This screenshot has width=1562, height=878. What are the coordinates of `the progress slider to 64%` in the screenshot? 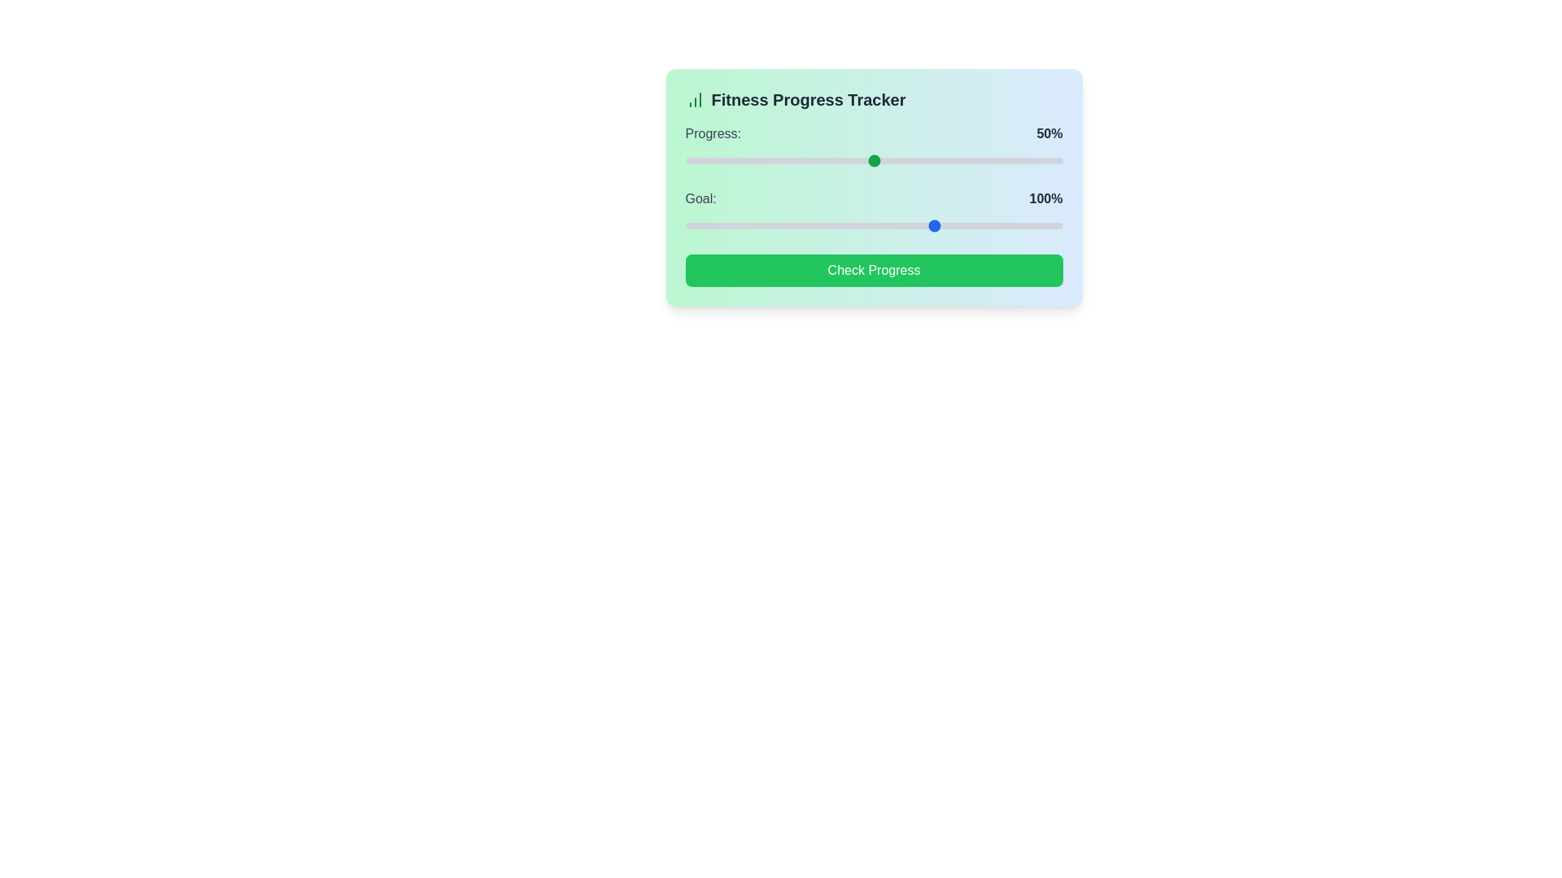 It's located at (927, 160).